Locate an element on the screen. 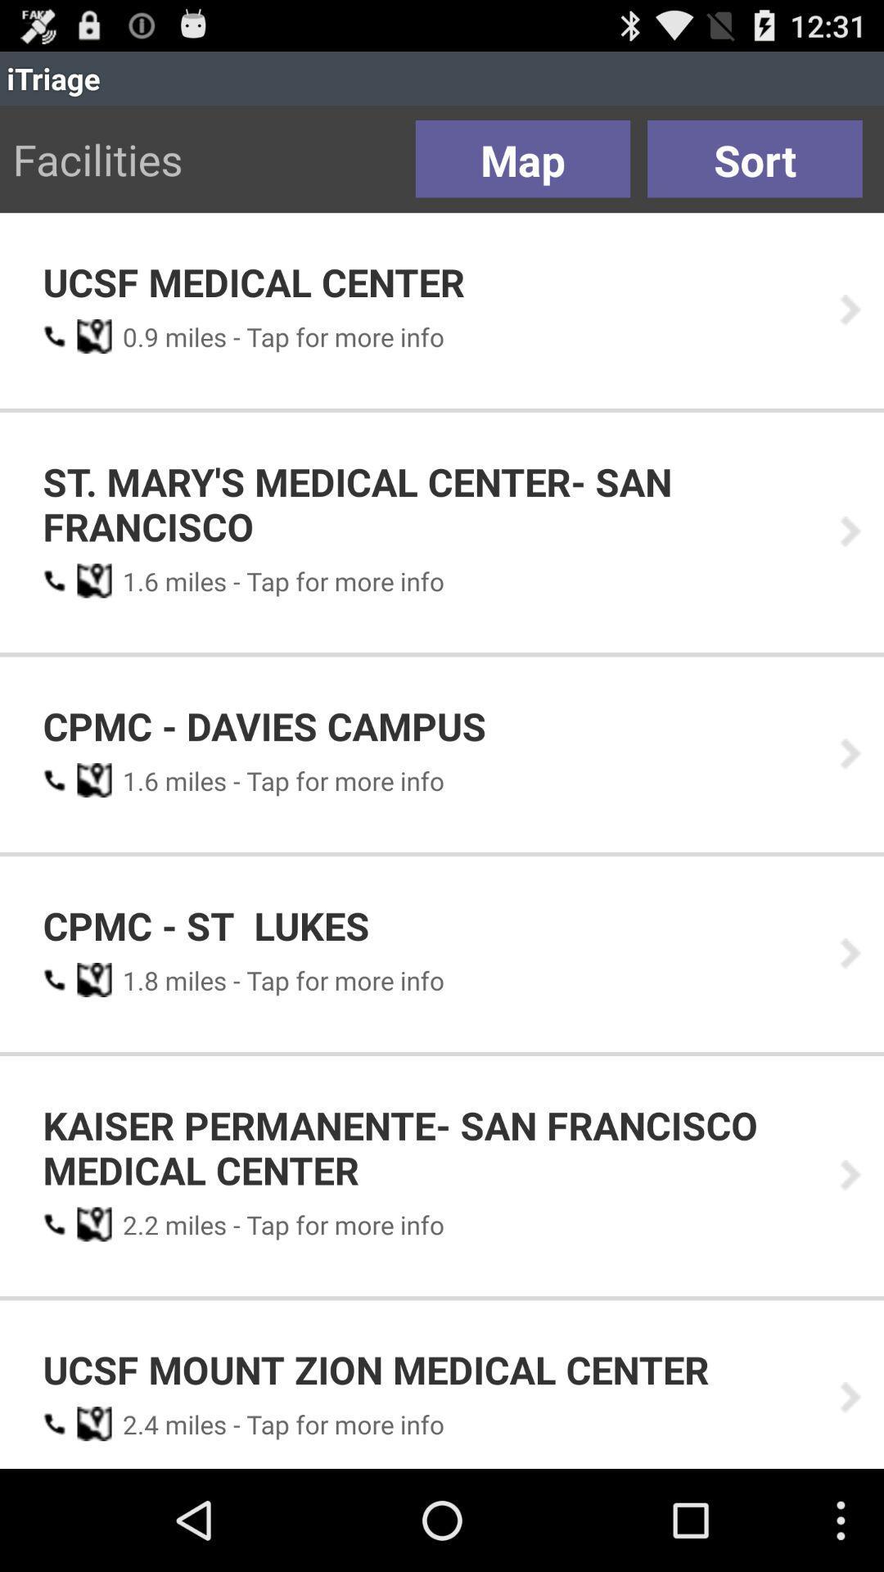 The width and height of the screenshot is (884, 1572). item below the 0.9 icon is located at coordinates (429, 503).